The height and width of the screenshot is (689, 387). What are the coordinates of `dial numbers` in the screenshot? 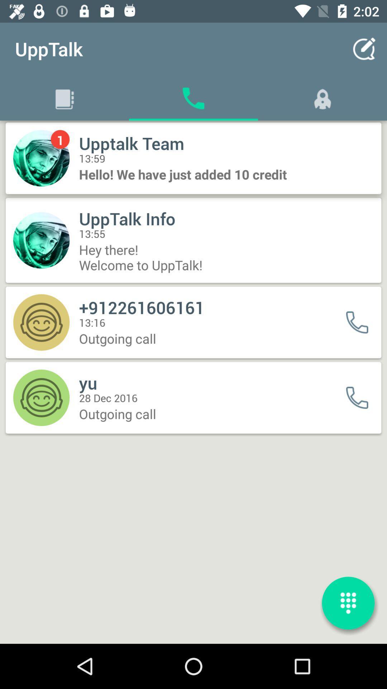 It's located at (348, 603).